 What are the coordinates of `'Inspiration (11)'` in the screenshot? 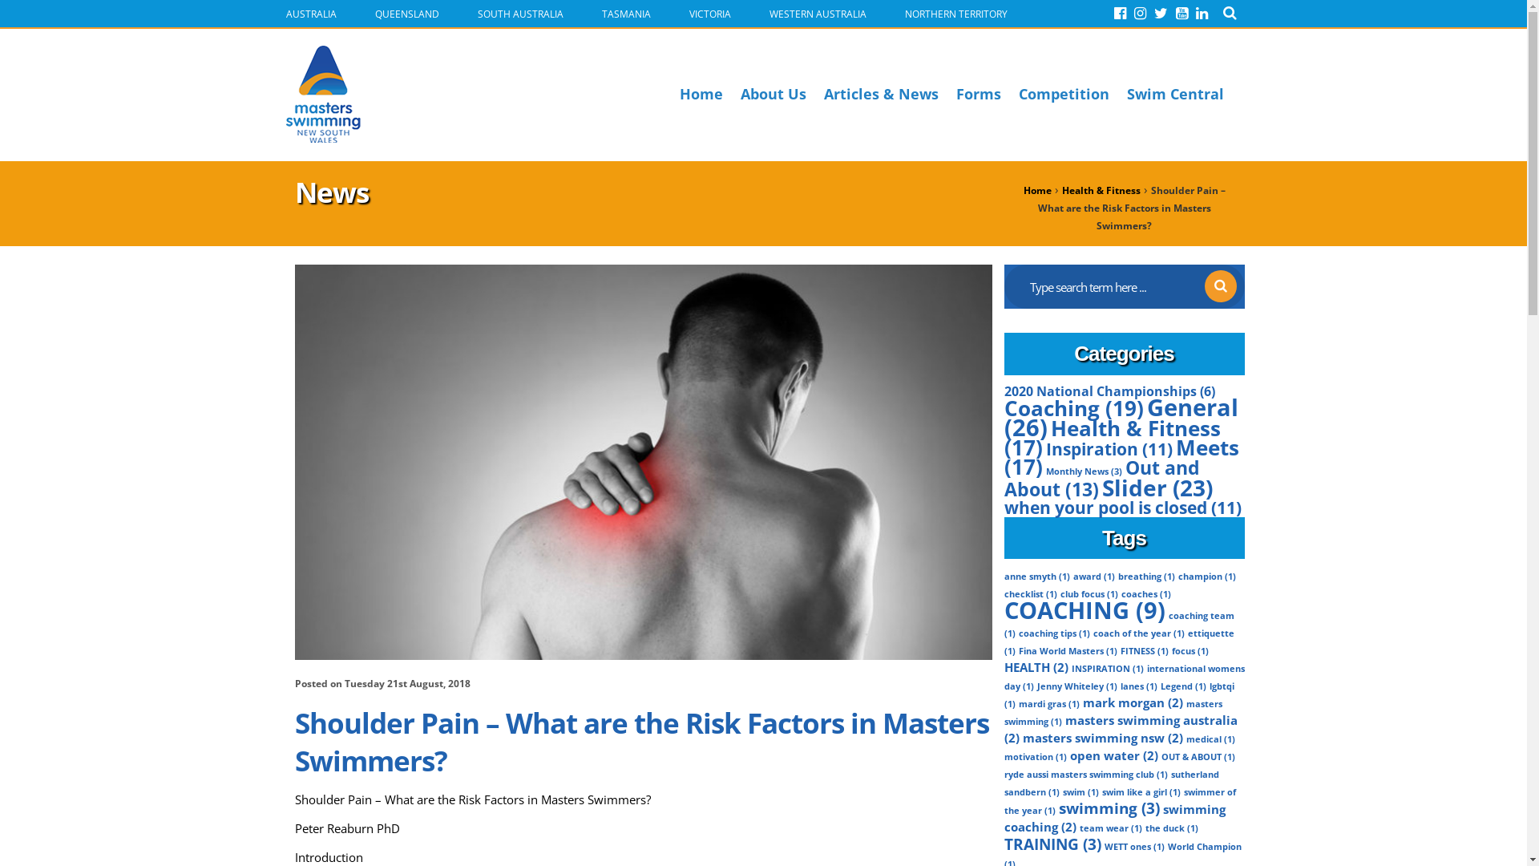 It's located at (1107, 448).